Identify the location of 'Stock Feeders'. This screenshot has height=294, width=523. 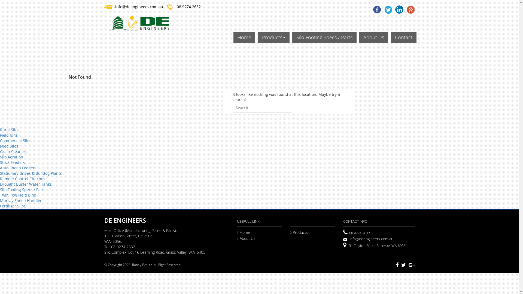
(0, 162).